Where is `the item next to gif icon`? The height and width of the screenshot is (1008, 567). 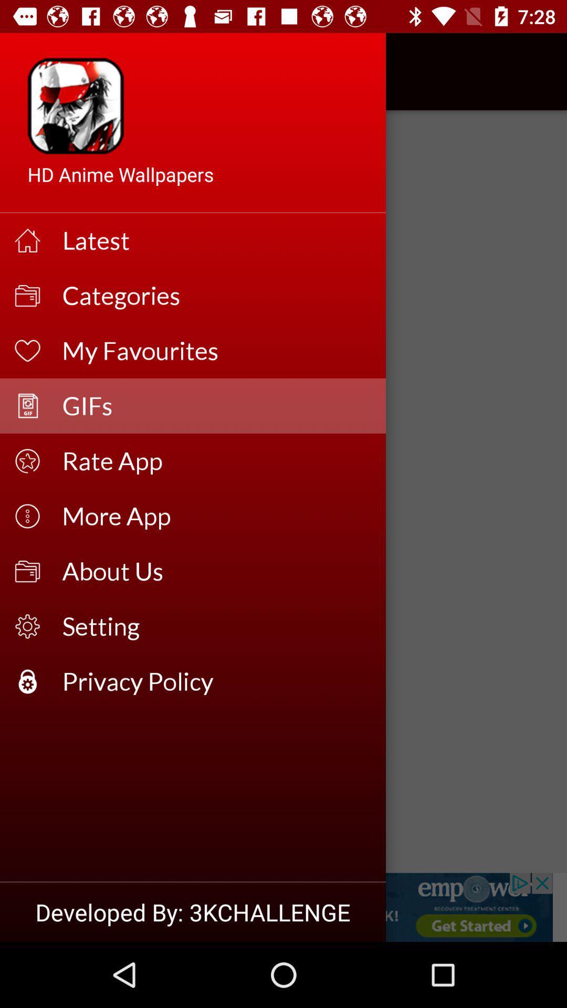 the item next to gif icon is located at coordinates (38, 71).